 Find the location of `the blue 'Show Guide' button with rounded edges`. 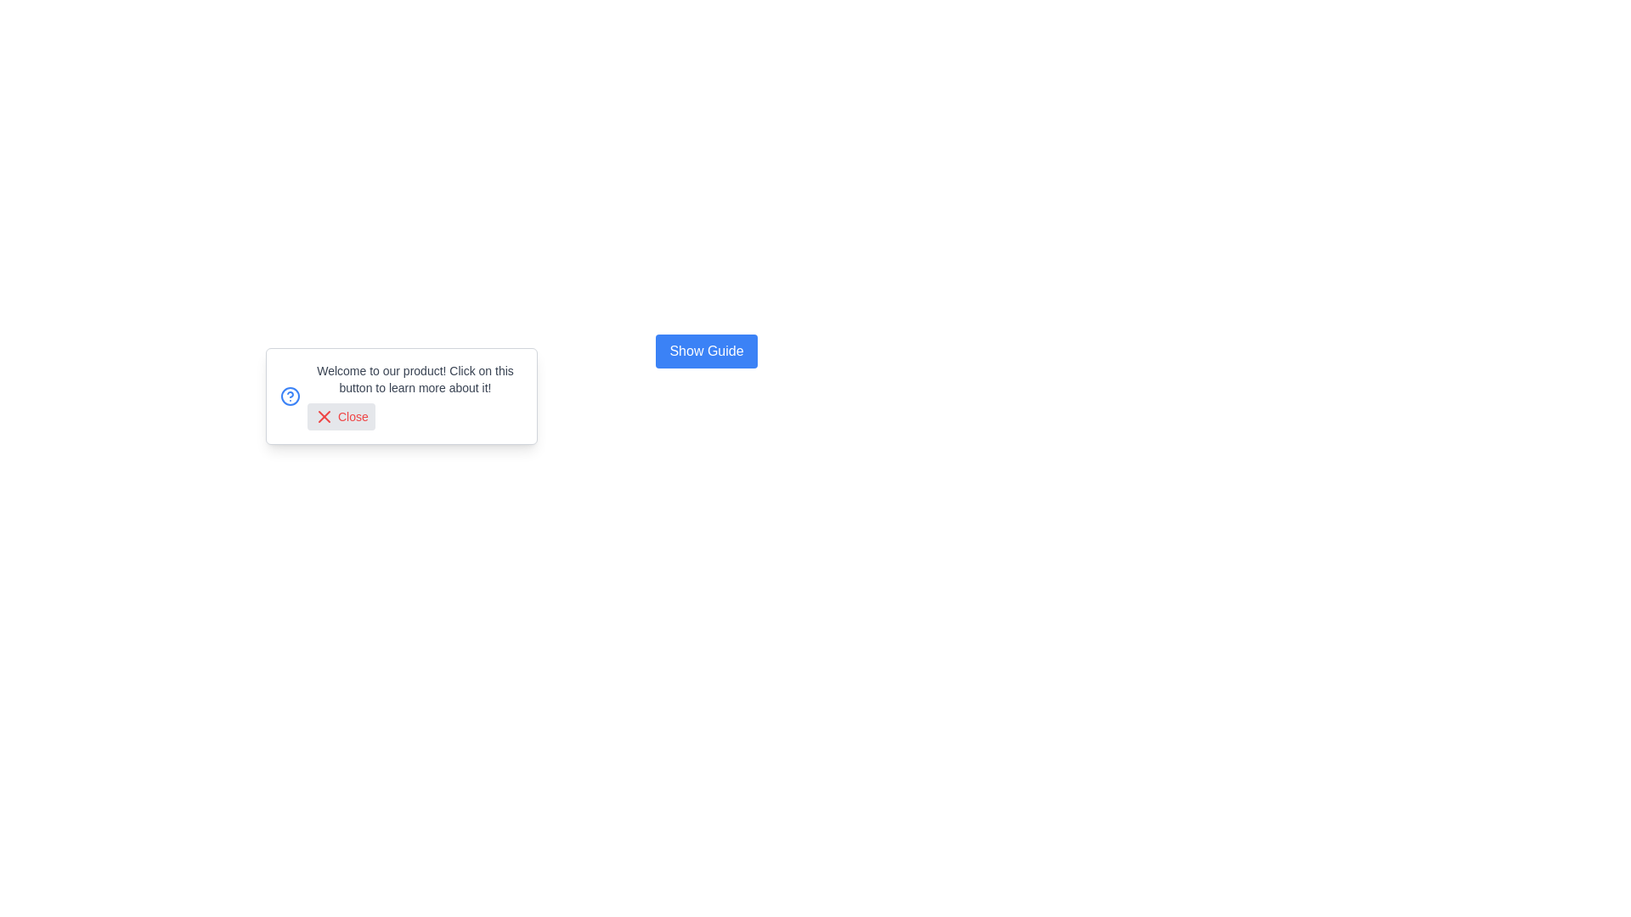

the blue 'Show Guide' button with rounded edges is located at coordinates (706, 350).